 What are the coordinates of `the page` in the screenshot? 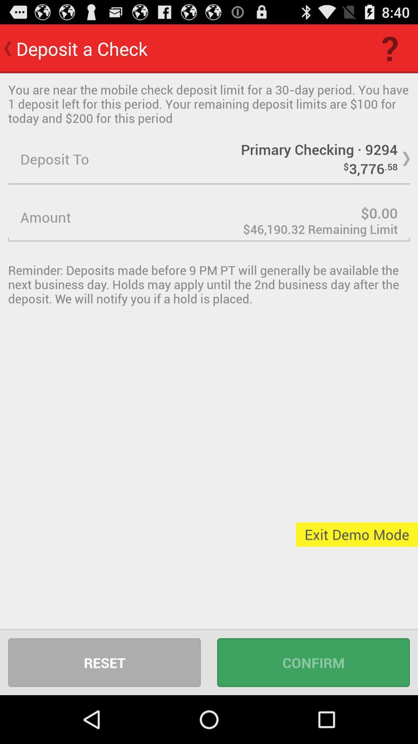 It's located at (209, 217).